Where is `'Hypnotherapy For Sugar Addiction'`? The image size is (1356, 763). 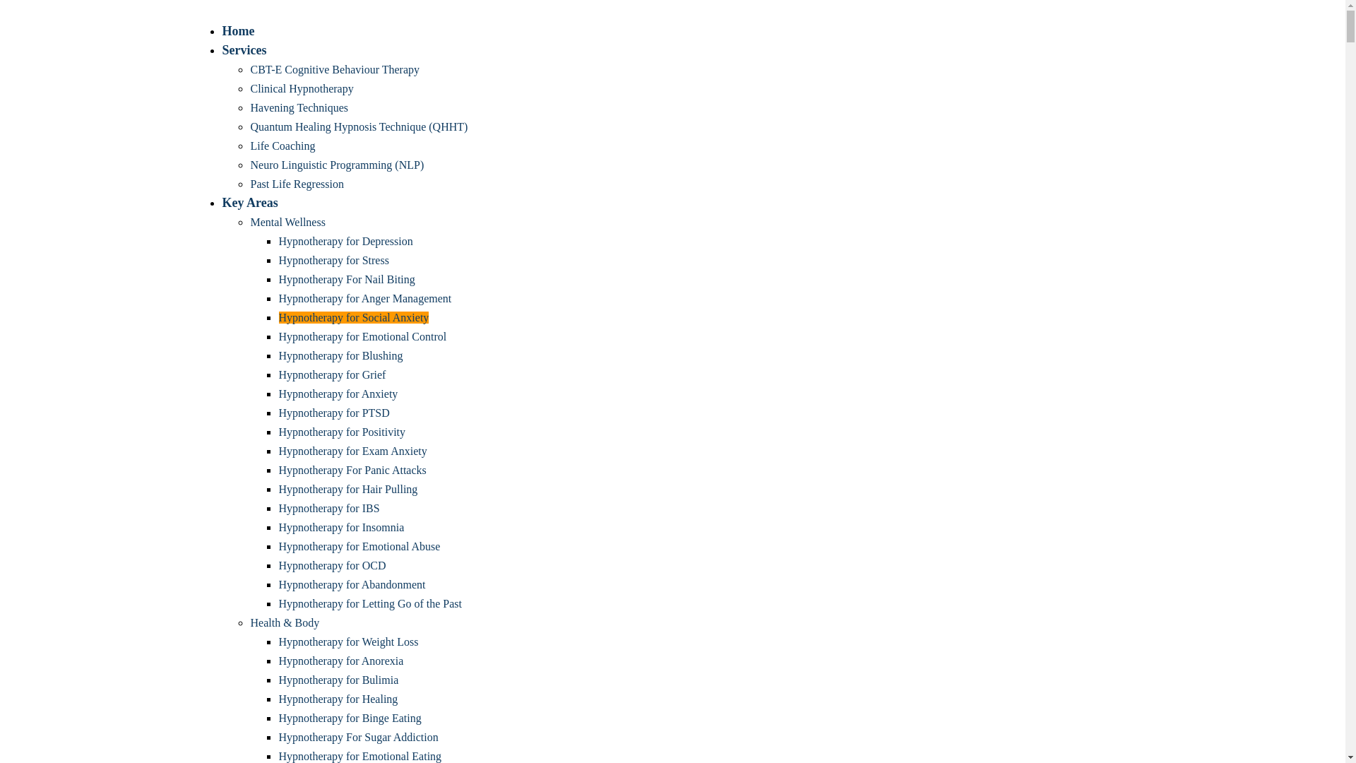
'Hypnotherapy For Sugar Addiction' is located at coordinates (358, 736).